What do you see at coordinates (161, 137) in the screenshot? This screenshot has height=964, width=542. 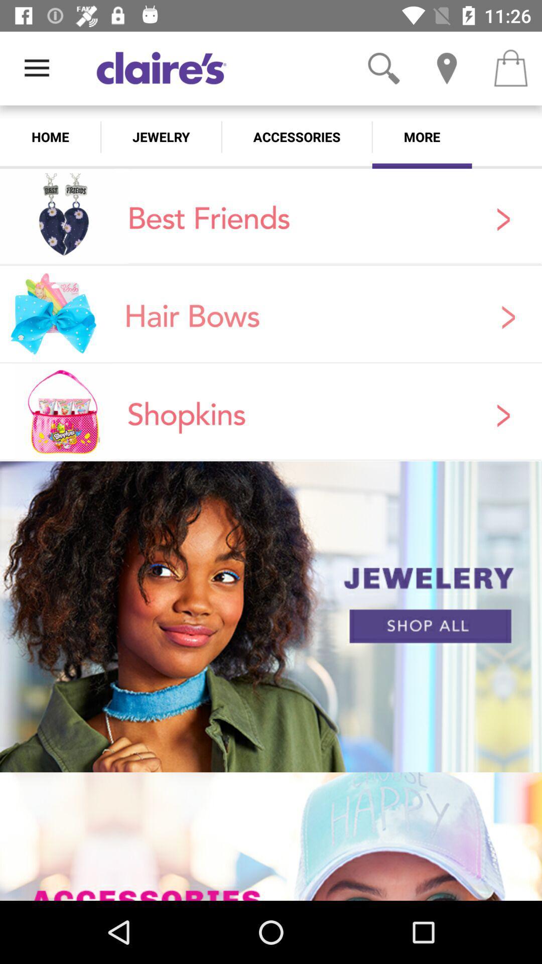 I see `the app to the left of accessories app` at bounding box center [161, 137].